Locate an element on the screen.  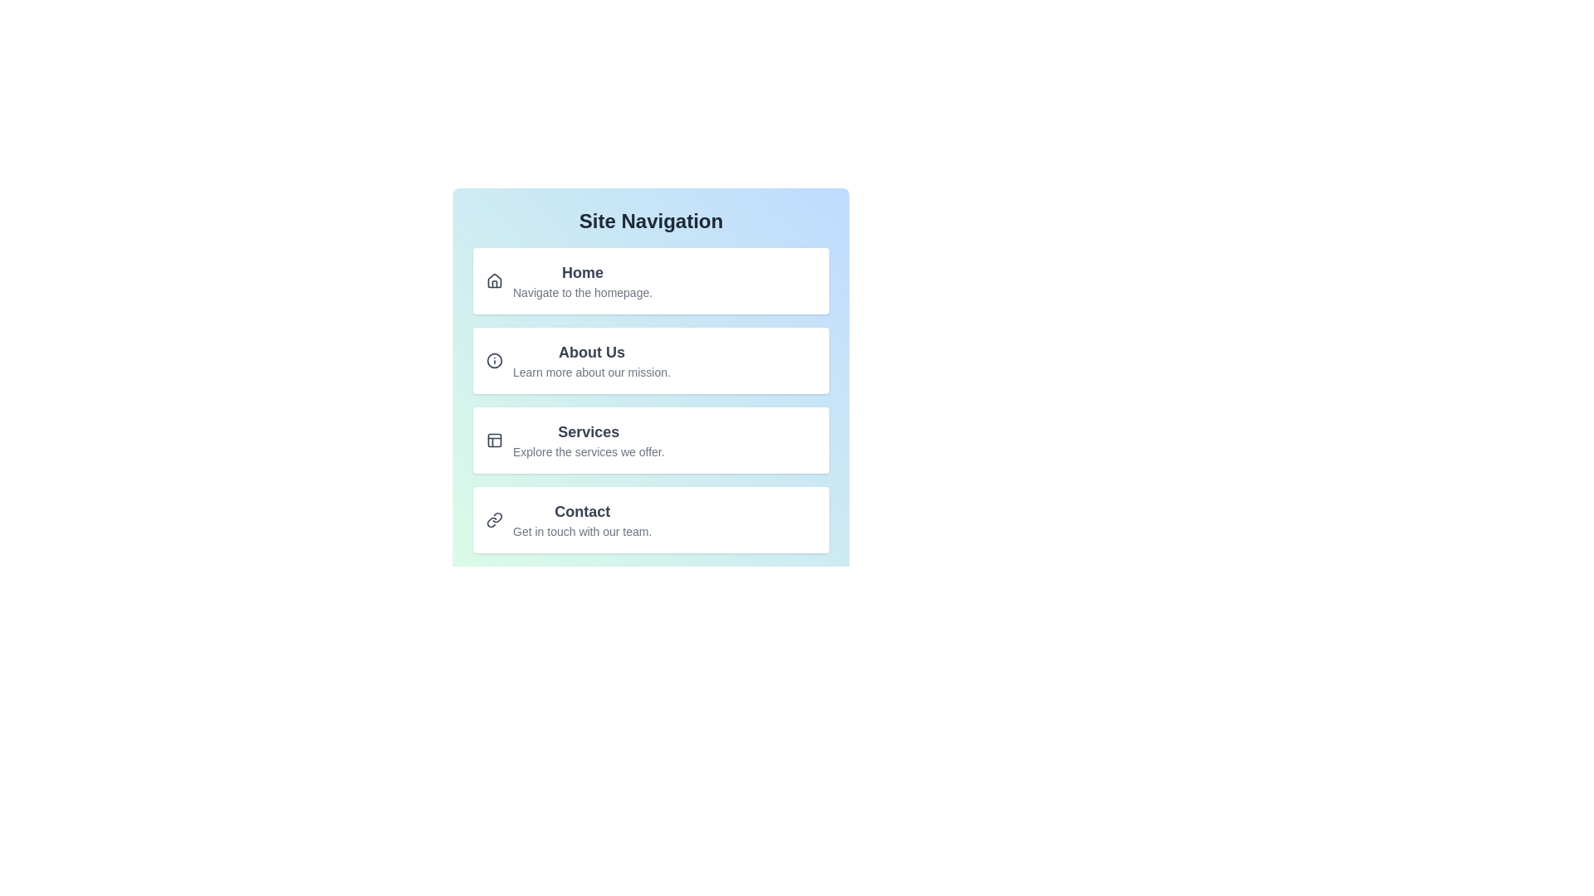
the interactive card at the bottom of the 'Site Navigation' section is located at coordinates (650, 519).